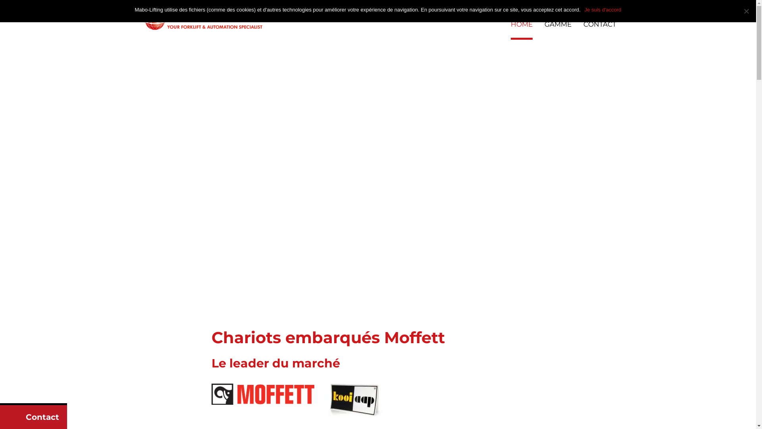 Image resolution: width=762 pixels, height=429 pixels. Describe the element at coordinates (263, 394) in the screenshot. I see `'Moffett'` at that location.